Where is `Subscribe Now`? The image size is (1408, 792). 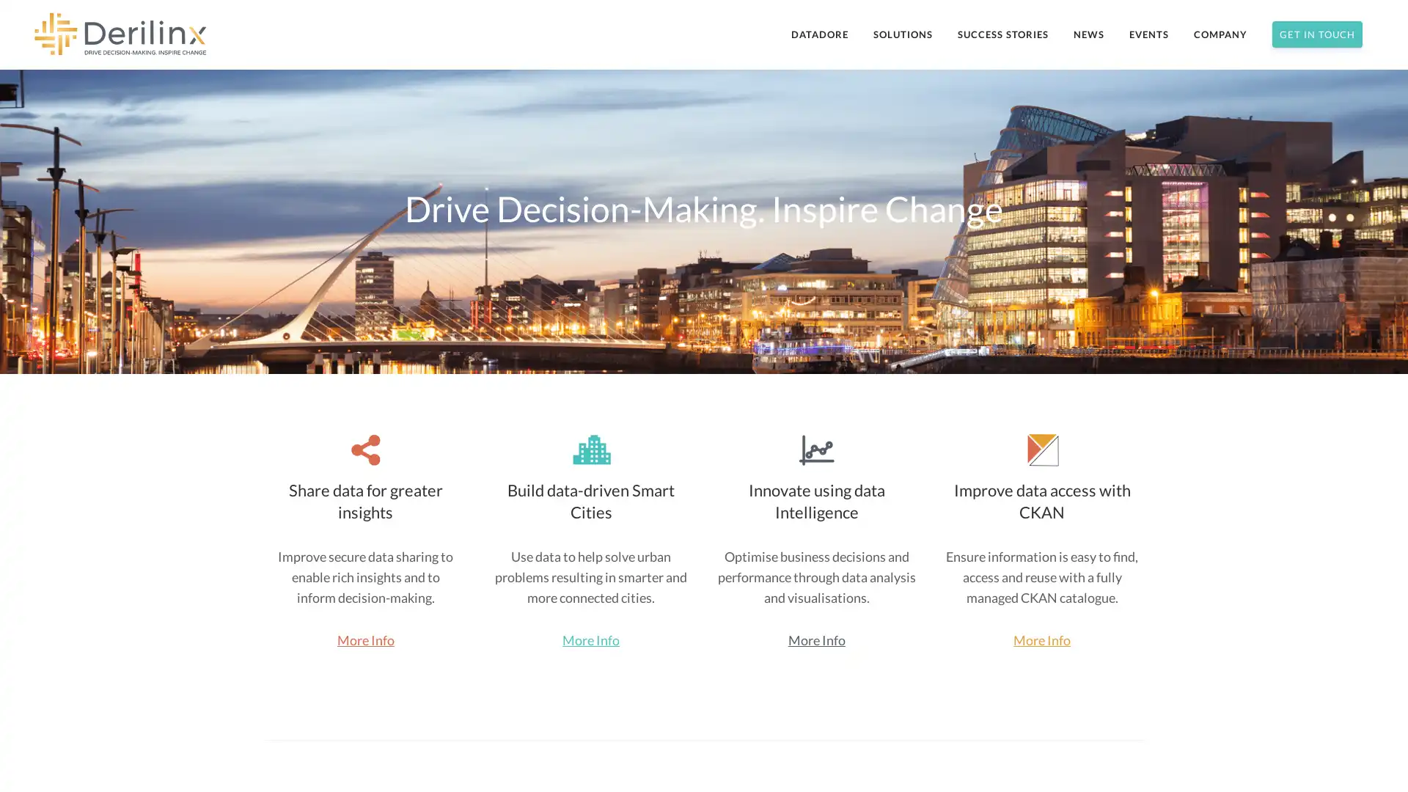 Subscribe Now is located at coordinates (1253, 763).